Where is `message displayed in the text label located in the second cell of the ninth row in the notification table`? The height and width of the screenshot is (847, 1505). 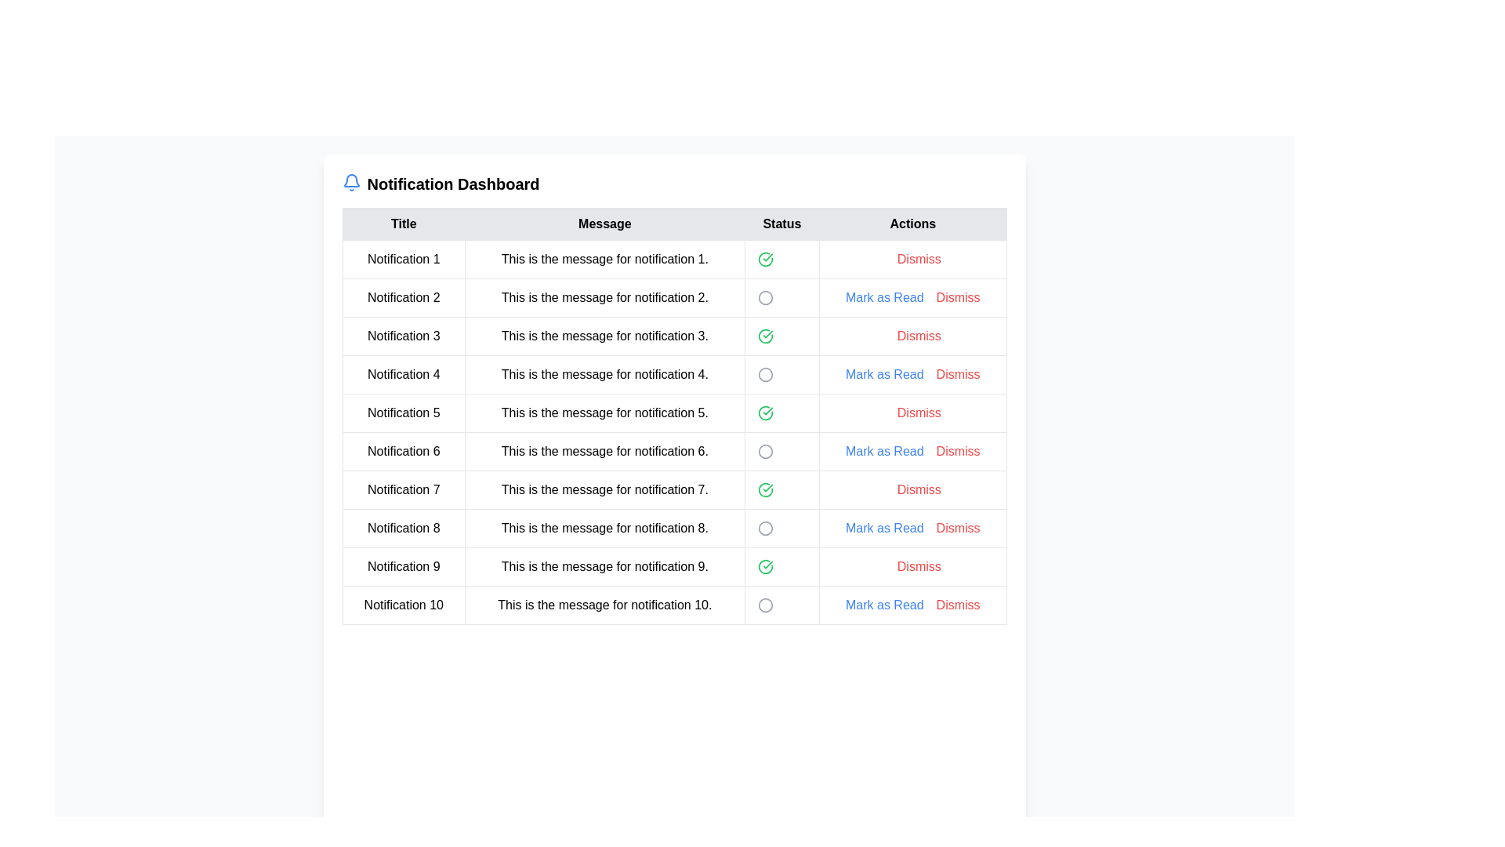
message displayed in the text label located in the second cell of the ninth row in the notification table is located at coordinates (604, 566).